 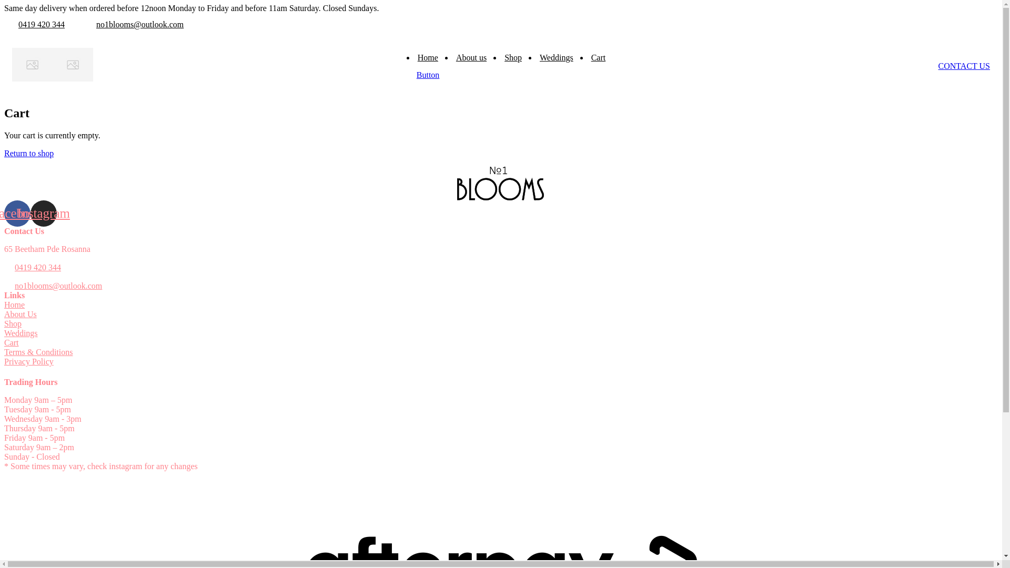 What do you see at coordinates (139, 24) in the screenshot?
I see `'no1blooms@outlook.com'` at bounding box center [139, 24].